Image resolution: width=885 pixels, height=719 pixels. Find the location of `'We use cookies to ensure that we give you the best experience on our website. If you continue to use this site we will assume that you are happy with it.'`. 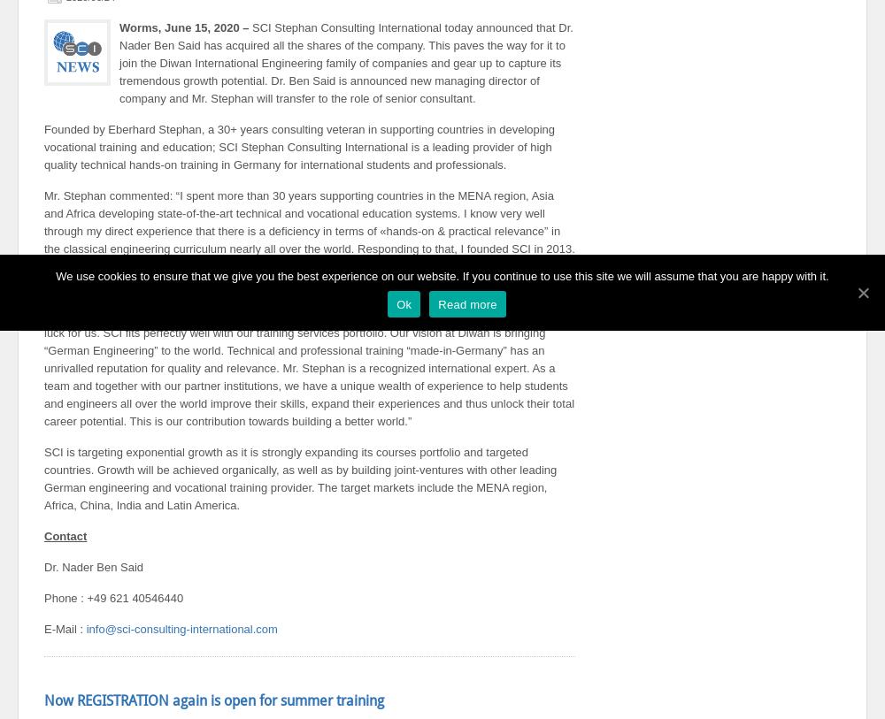

'We use cookies to ensure that we give you the best experience on our website. If you continue to use this site we will assume that you are happy with it.' is located at coordinates (55, 275).